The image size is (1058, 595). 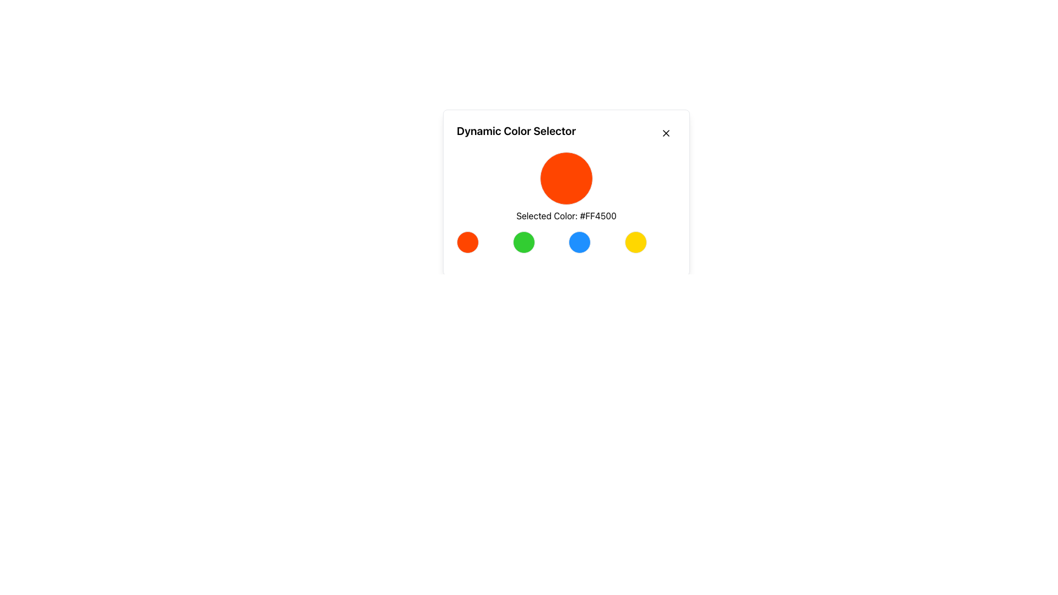 I want to click on the Close Icon, which is represented by an 'X' shape consisting of two diagonal lines, located in the top-right corner of the 'Dynamic Color Selector' card interface, so click(x=666, y=133).